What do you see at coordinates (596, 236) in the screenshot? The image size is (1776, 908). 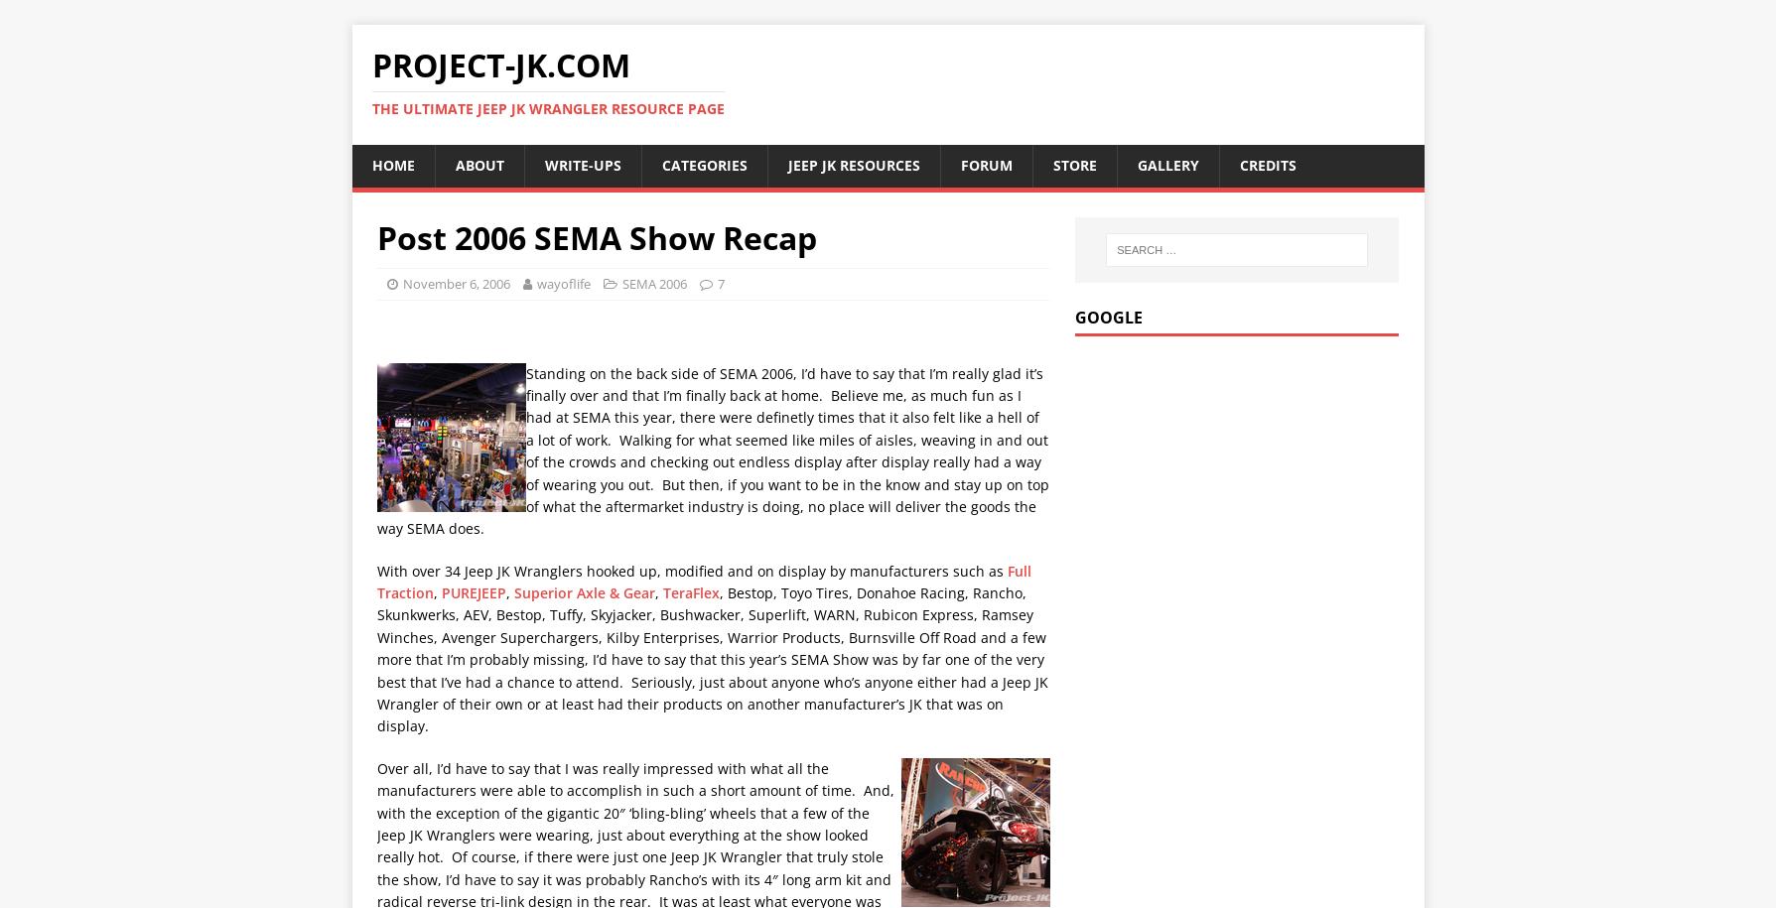 I see `'Post 2006 SEMA Show Recap'` at bounding box center [596, 236].